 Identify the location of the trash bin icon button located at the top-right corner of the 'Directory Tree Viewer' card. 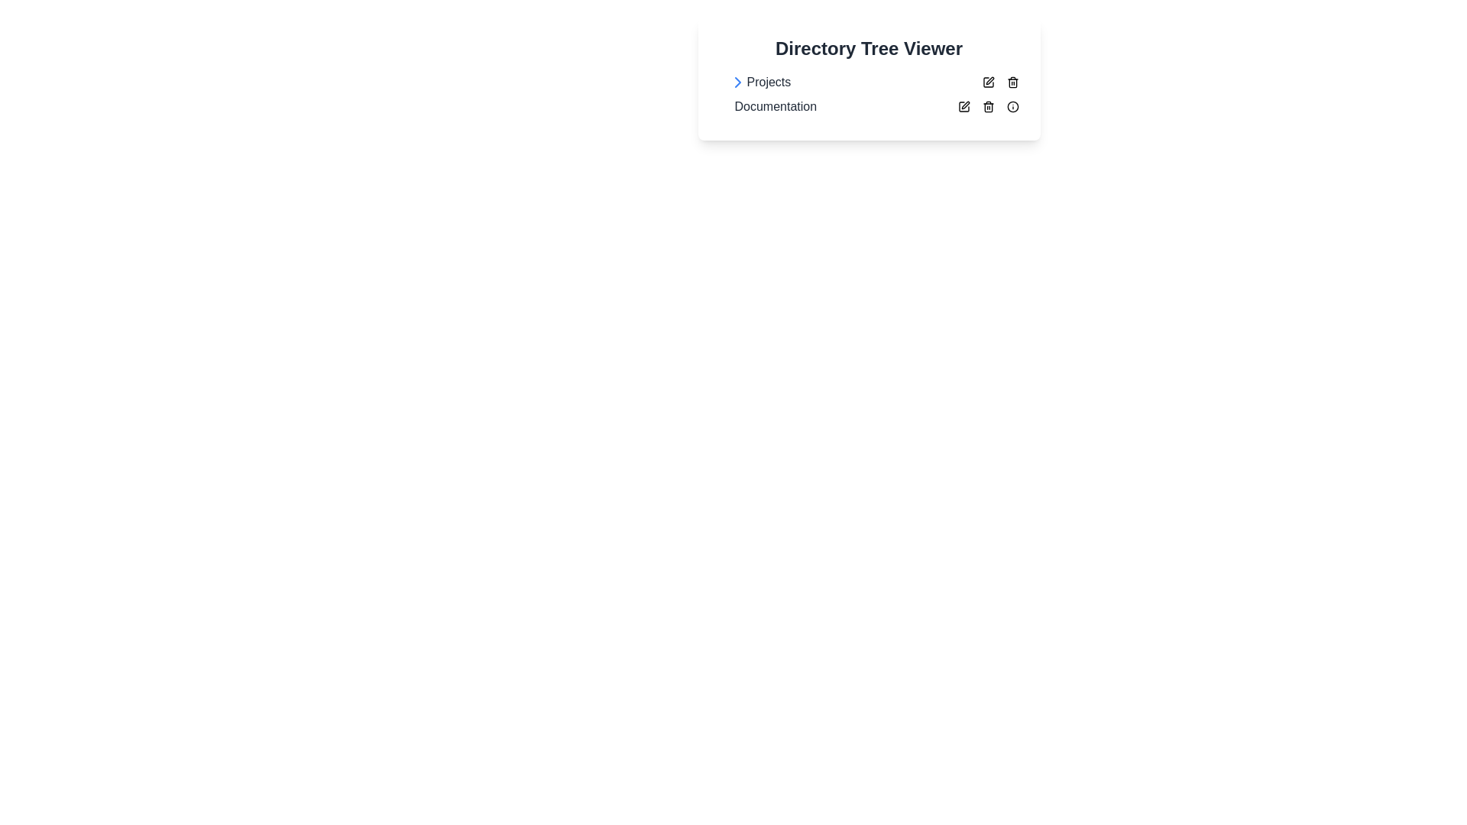
(988, 105).